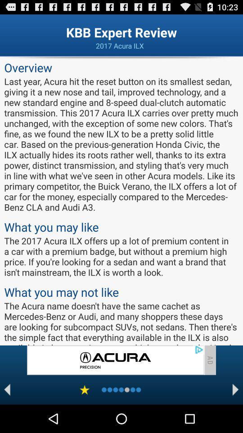 The image size is (243, 433). What do you see at coordinates (85, 417) in the screenshot?
I see `the star icon` at bounding box center [85, 417].